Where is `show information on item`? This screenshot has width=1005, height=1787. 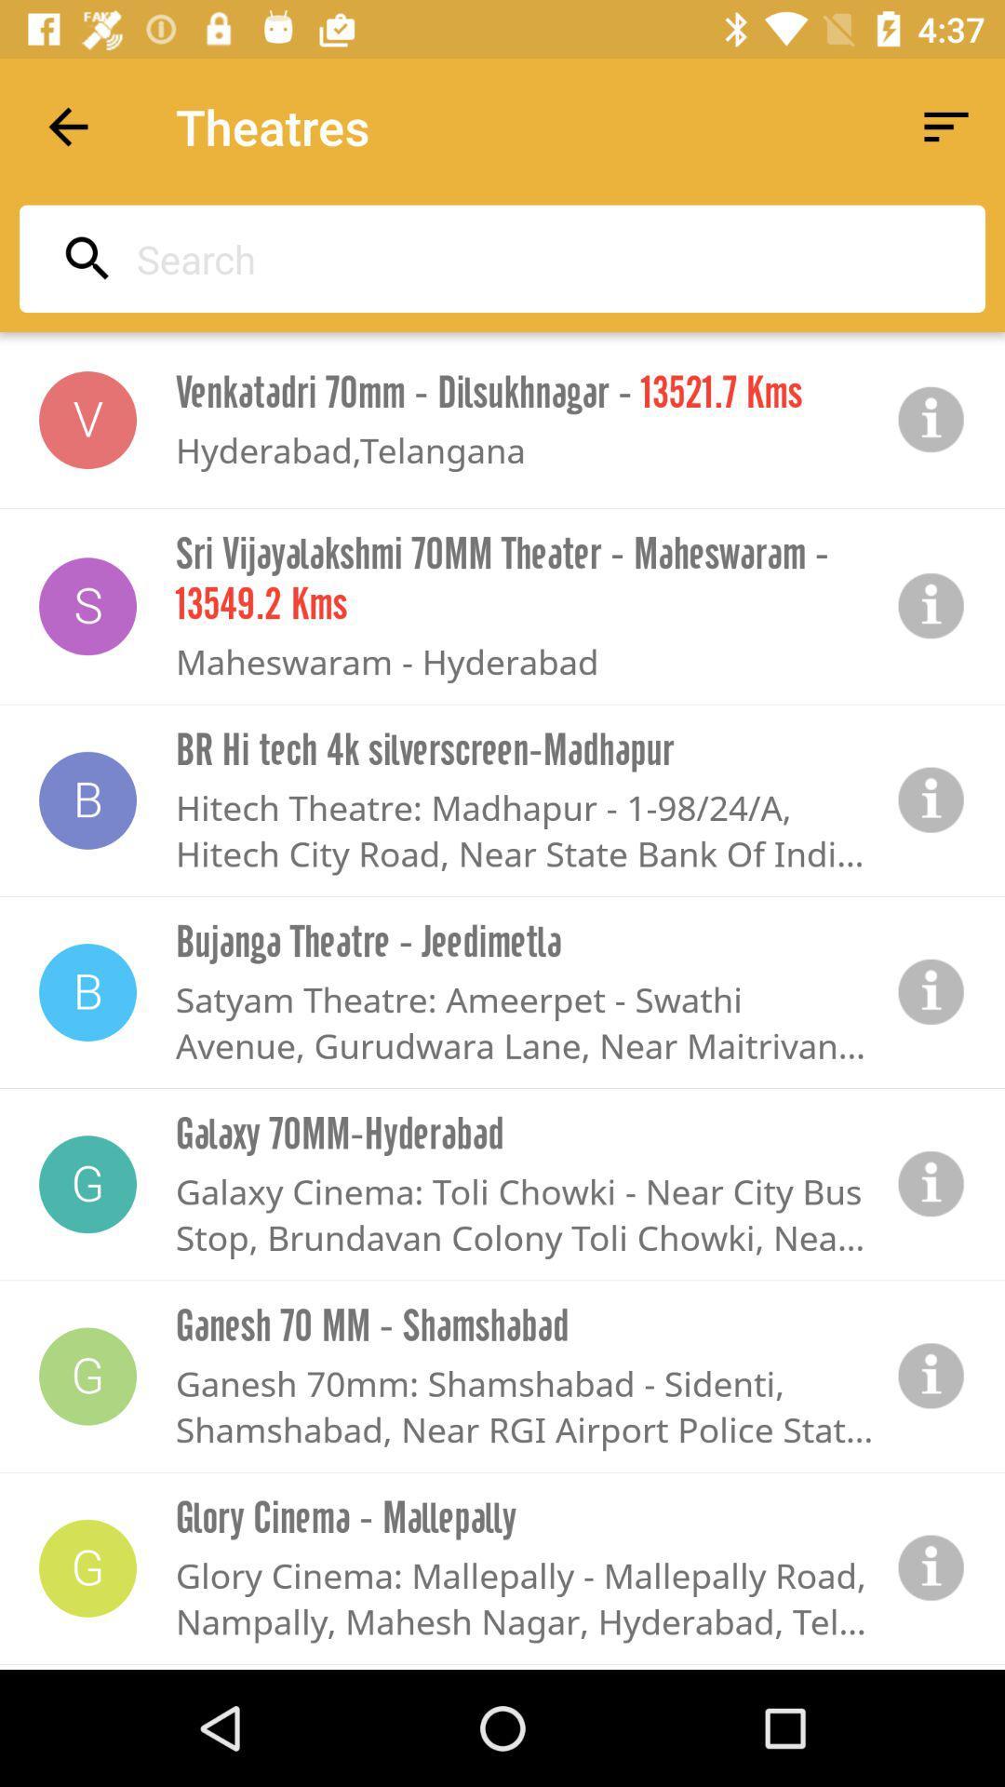
show information on item is located at coordinates (931, 991).